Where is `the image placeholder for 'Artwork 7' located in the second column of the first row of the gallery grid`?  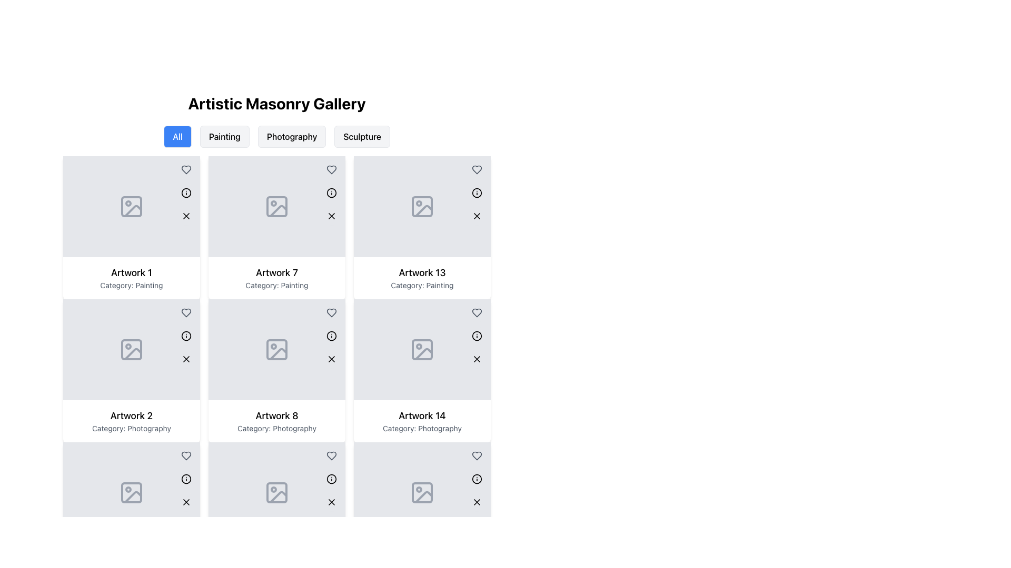
the image placeholder for 'Artwork 7' located in the second column of the first row of the gallery grid is located at coordinates (277, 207).